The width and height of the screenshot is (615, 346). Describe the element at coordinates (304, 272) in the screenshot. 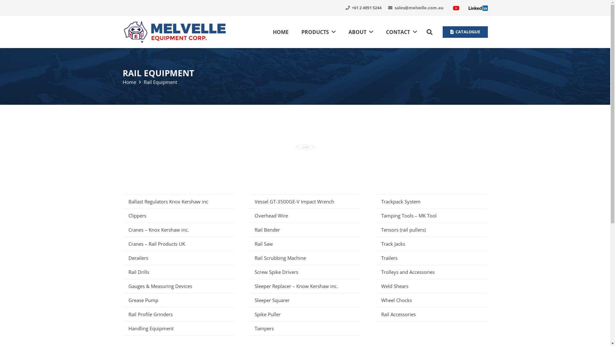

I see `'Screw Spike Drivers'` at that location.